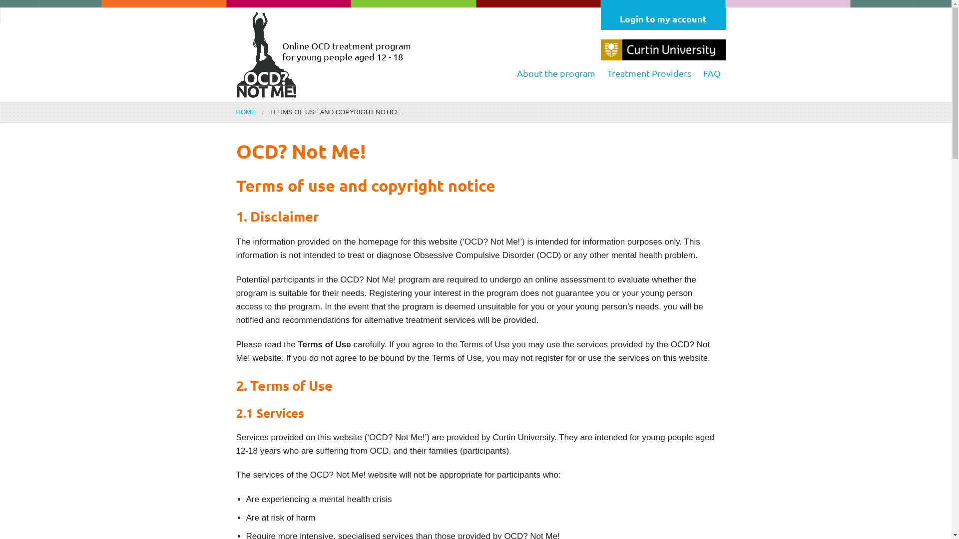 The image size is (959, 539). Describe the element at coordinates (711, 72) in the screenshot. I see `'FAQ'` at that location.